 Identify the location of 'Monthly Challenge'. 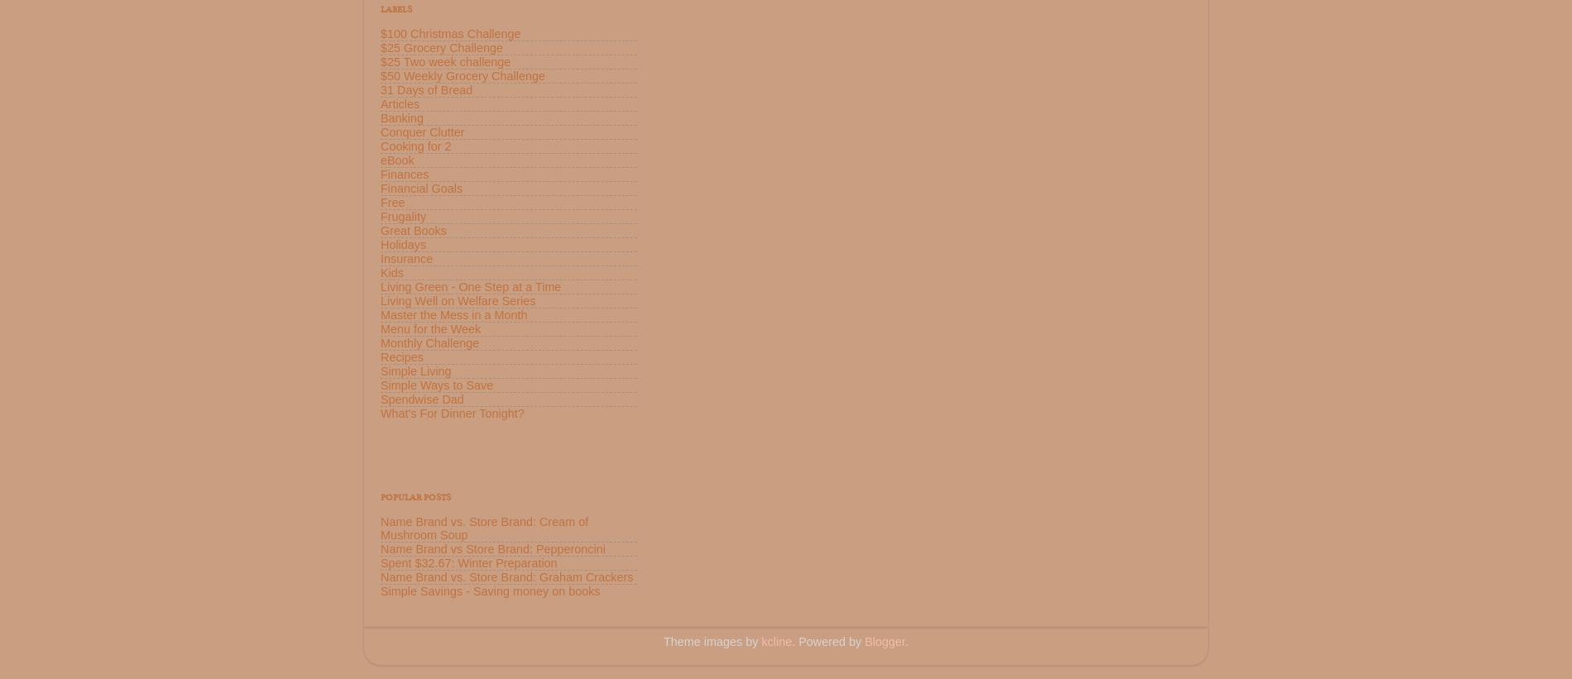
(429, 342).